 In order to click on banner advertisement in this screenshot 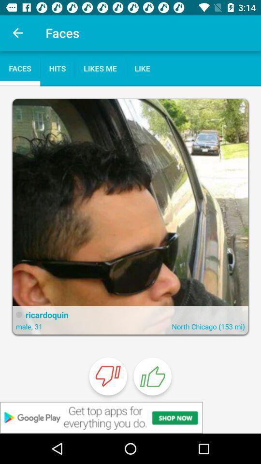, I will do `click(130, 417)`.